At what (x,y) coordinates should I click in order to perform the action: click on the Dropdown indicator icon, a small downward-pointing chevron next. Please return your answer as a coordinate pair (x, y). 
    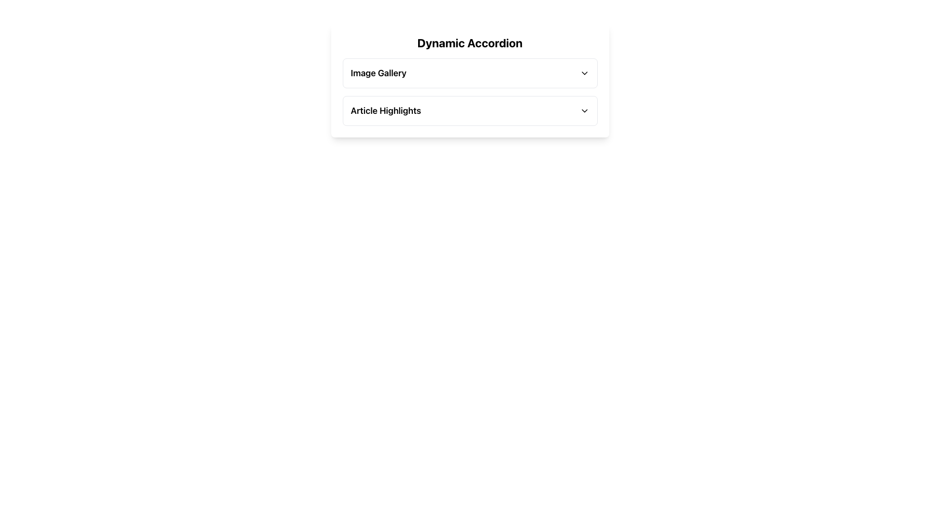
    Looking at the image, I should click on (584, 110).